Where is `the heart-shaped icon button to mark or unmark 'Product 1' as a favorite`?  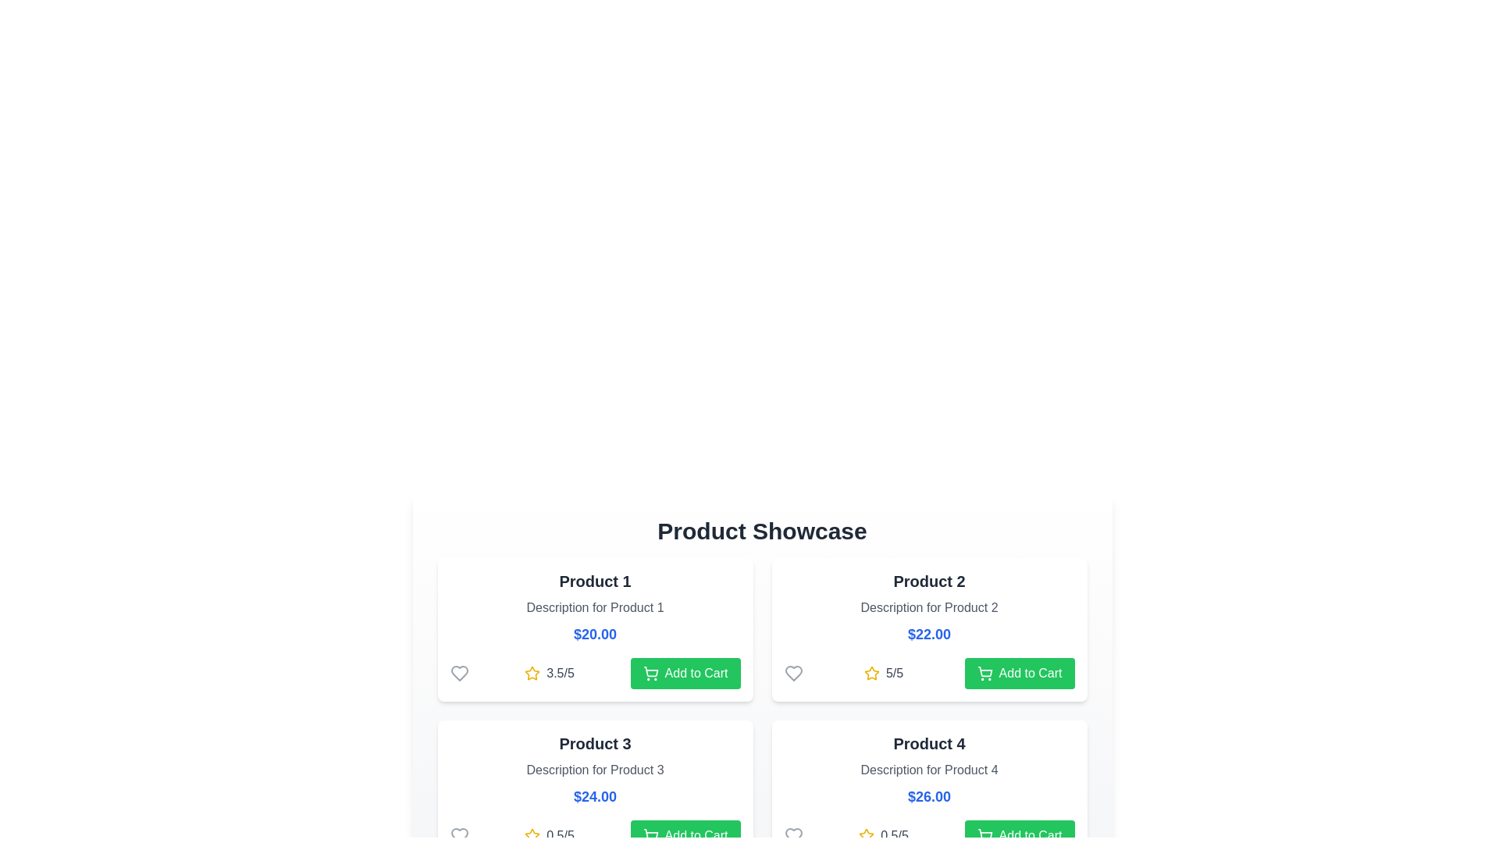
the heart-shaped icon button to mark or unmark 'Product 1' as a favorite is located at coordinates (458, 673).